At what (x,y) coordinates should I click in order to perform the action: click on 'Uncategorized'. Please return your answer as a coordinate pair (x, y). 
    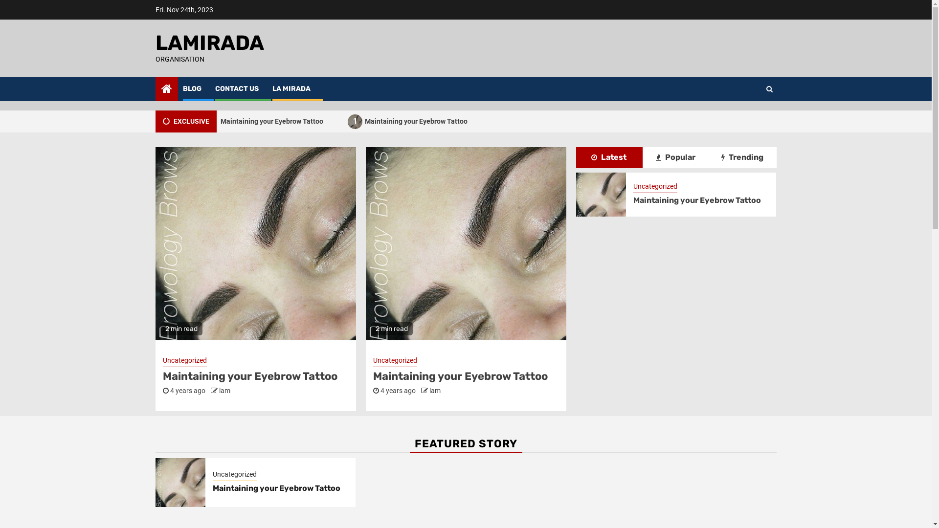
    Looking at the image, I should click on (235, 475).